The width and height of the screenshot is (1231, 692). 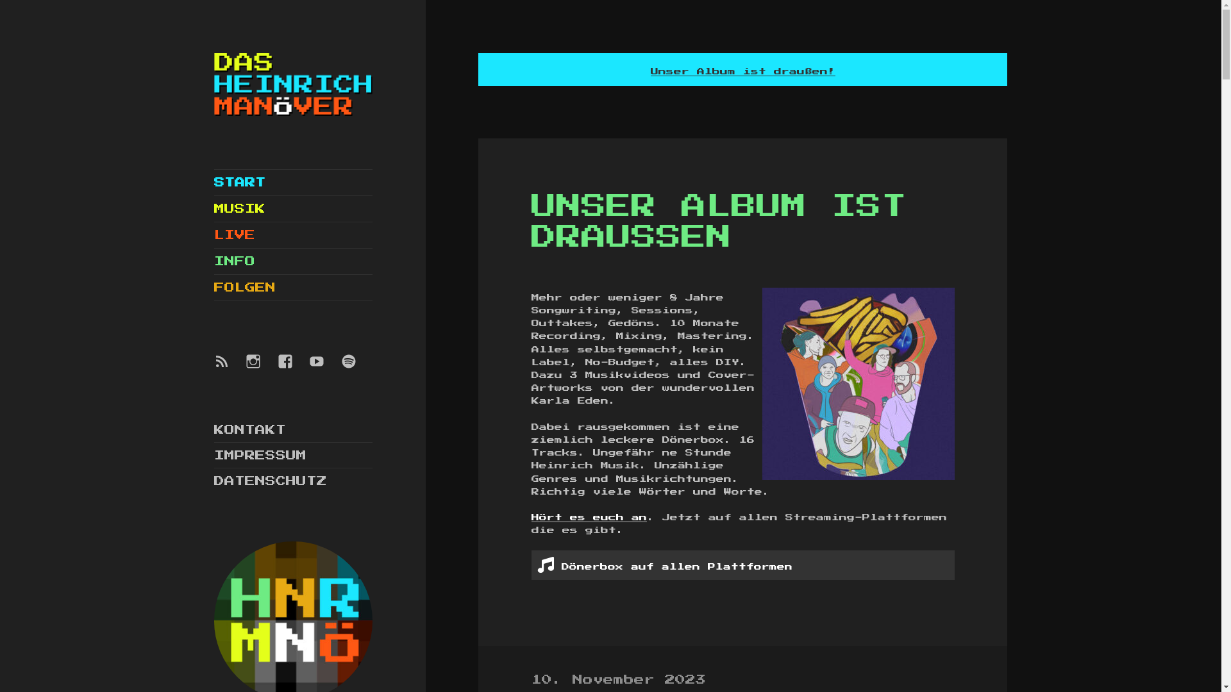 I want to click on 'KONTAKT', so click(x=214, y=430).